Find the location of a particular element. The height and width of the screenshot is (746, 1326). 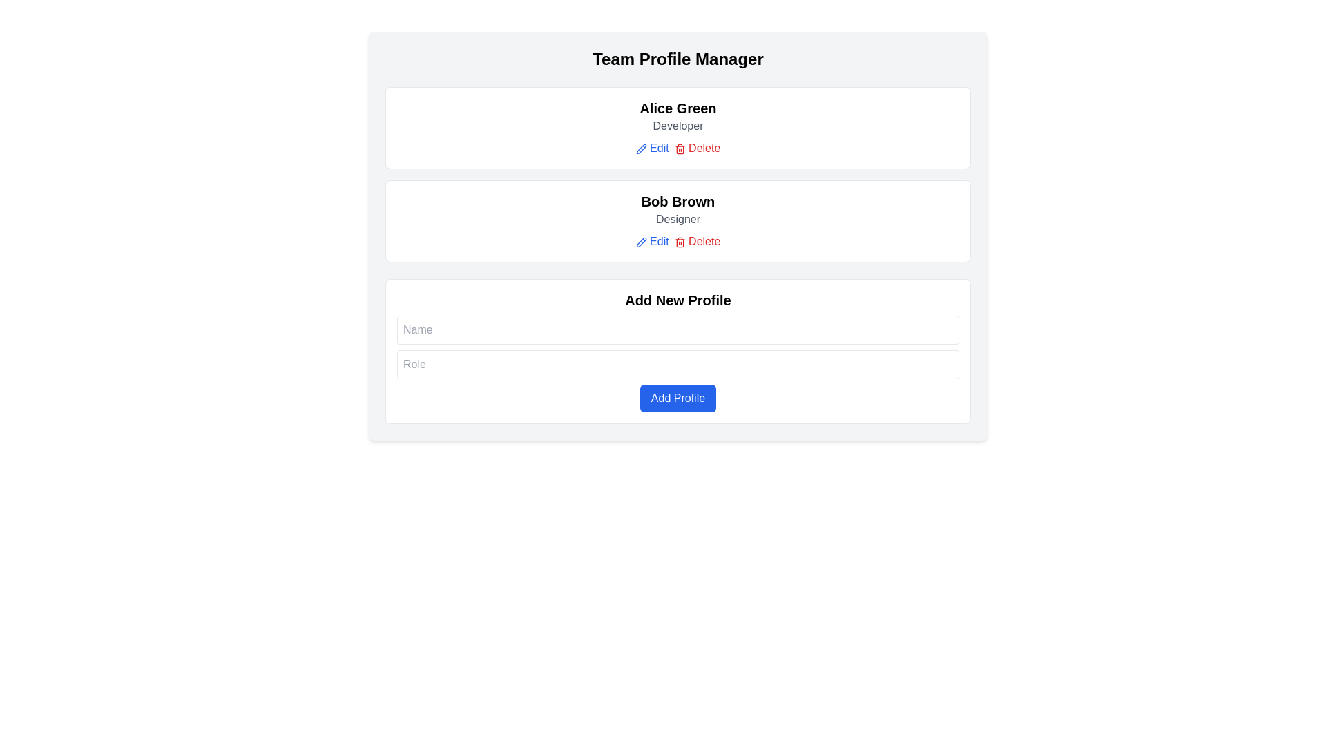

the delete icon representing the trash can action for 'Bob Brown - Designer' is located at coordinates (680, 242).